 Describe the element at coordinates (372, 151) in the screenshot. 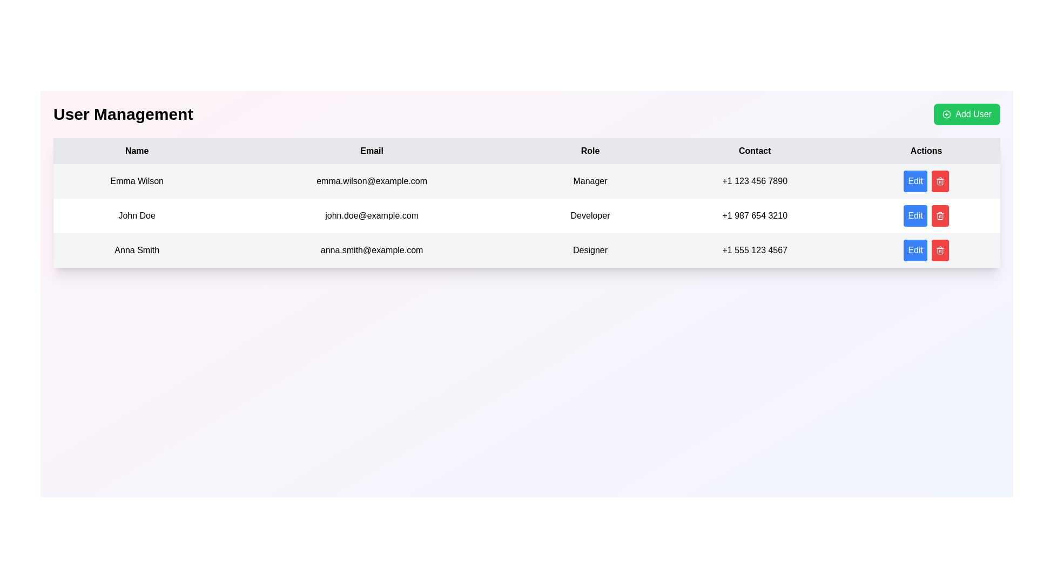

I see `the 'Email' text header in the table column, which is bold and centered within a light gray header bar, positioned between 'Name' and 'Role'` at that location.